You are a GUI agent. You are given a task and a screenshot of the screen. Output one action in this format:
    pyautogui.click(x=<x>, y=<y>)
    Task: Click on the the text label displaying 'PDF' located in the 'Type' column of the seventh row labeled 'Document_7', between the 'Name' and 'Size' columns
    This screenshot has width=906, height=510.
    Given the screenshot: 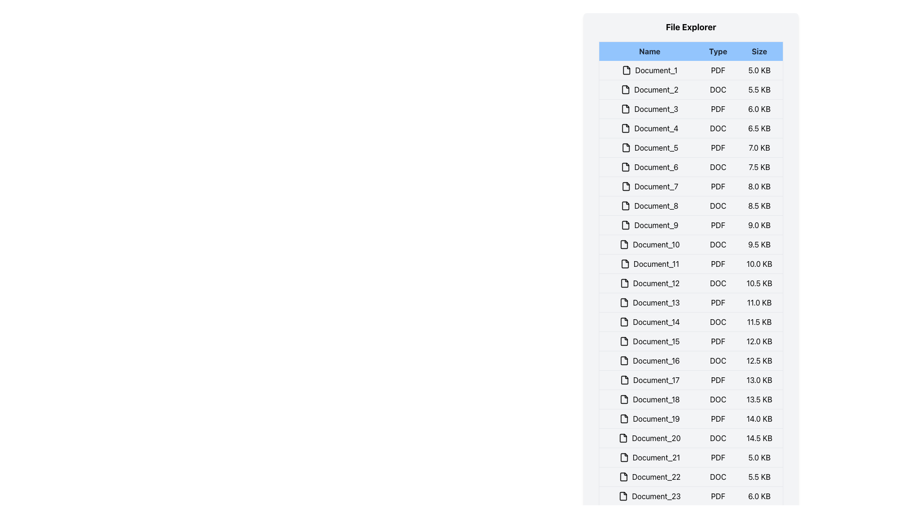 What is the action you would take?
    pyautogui.click(x=717, y=186)
    